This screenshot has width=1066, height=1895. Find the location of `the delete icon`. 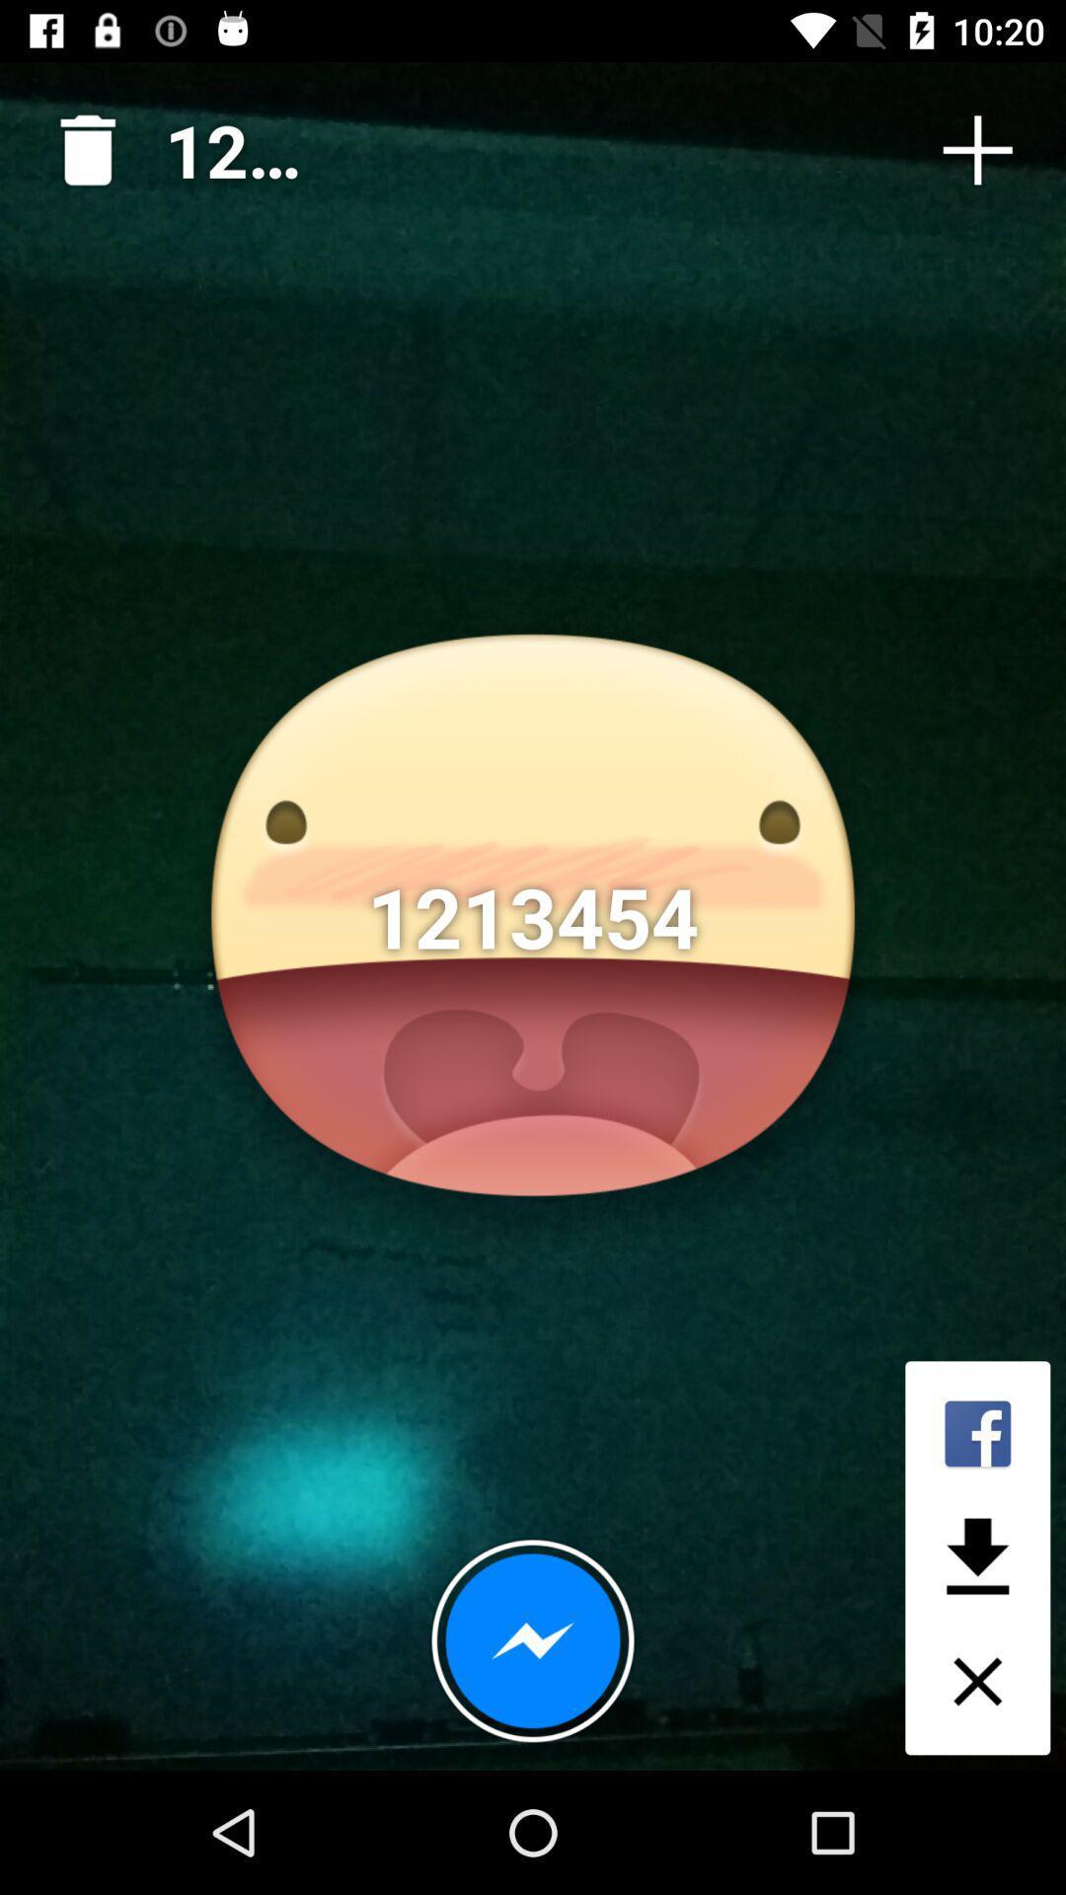

the delete icon is located at coordinates (79, 141).